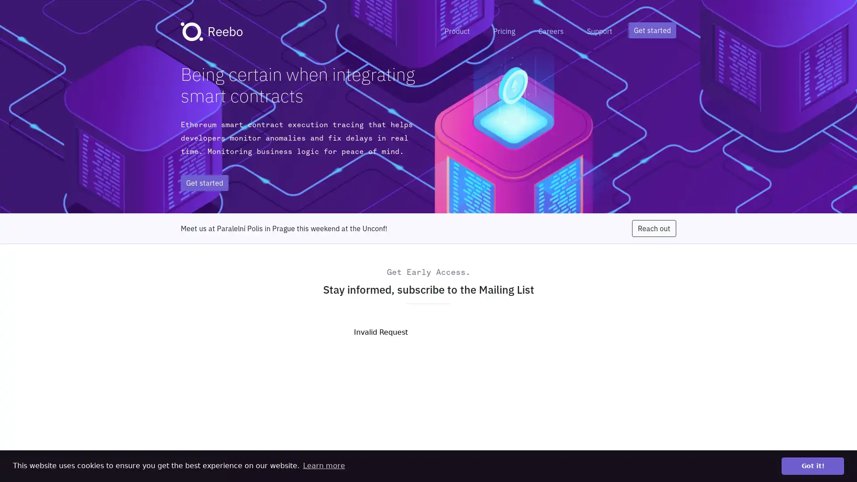  Describe the element at coordinates (204, 182) in the screenshot. I see `Get started` at that location.